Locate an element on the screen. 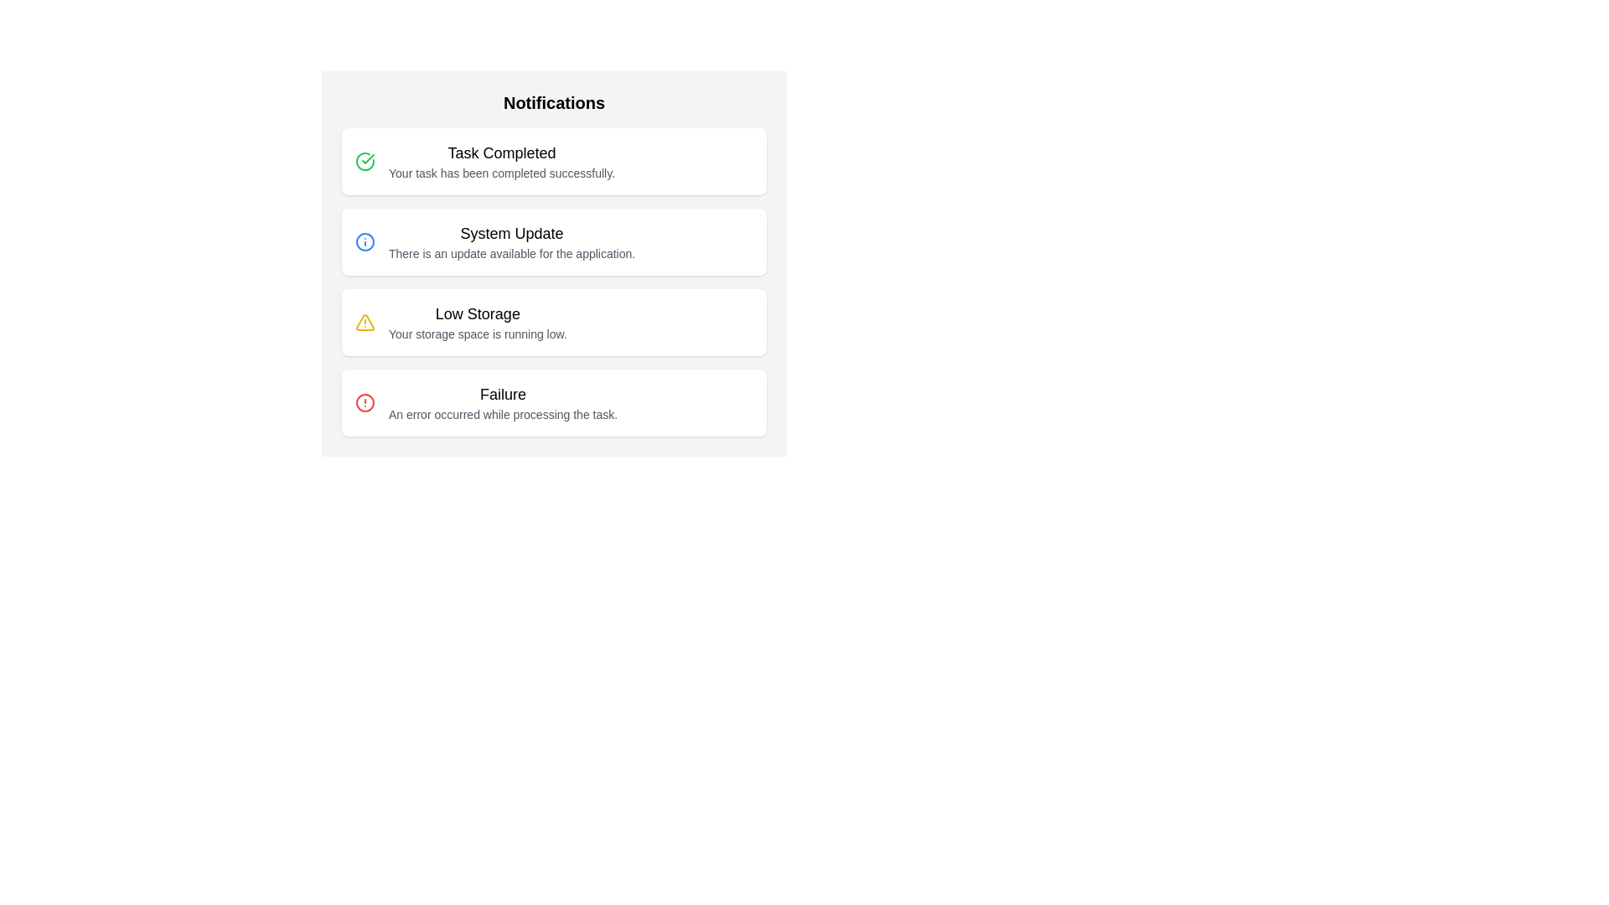  the 'System Update' label, which is prominently displayed in bold font and is the central element in the second notification block, positioned between 'Task Completed' and 'Low Storage' is located at coordinates (511, 233).